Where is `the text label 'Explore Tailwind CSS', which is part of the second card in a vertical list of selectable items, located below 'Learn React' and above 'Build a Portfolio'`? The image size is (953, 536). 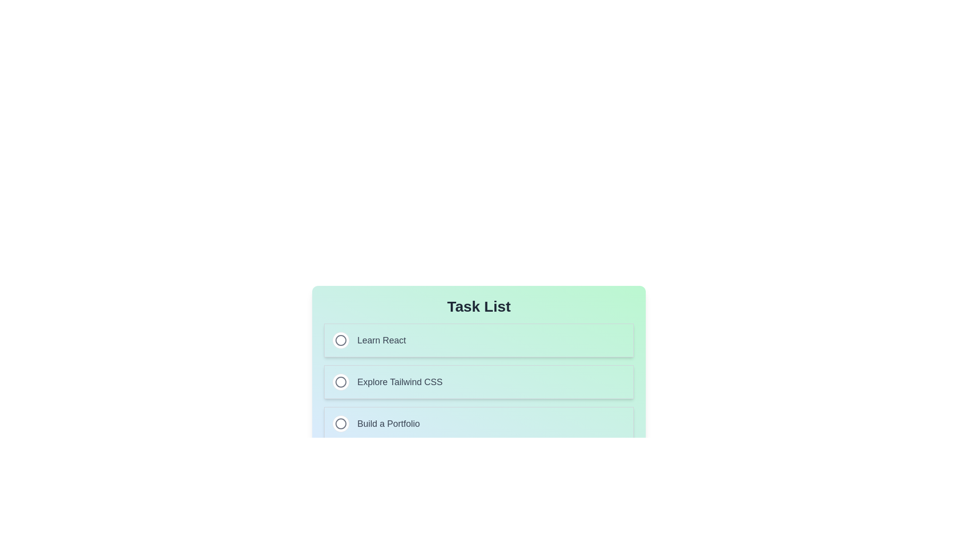
the text label 'Explore Tailwind CSS', which is part of the second card in a vertical list of selectable items, located below 'Learn React' and above 'Build a Portfolio' is located at coordinates (400, 382).